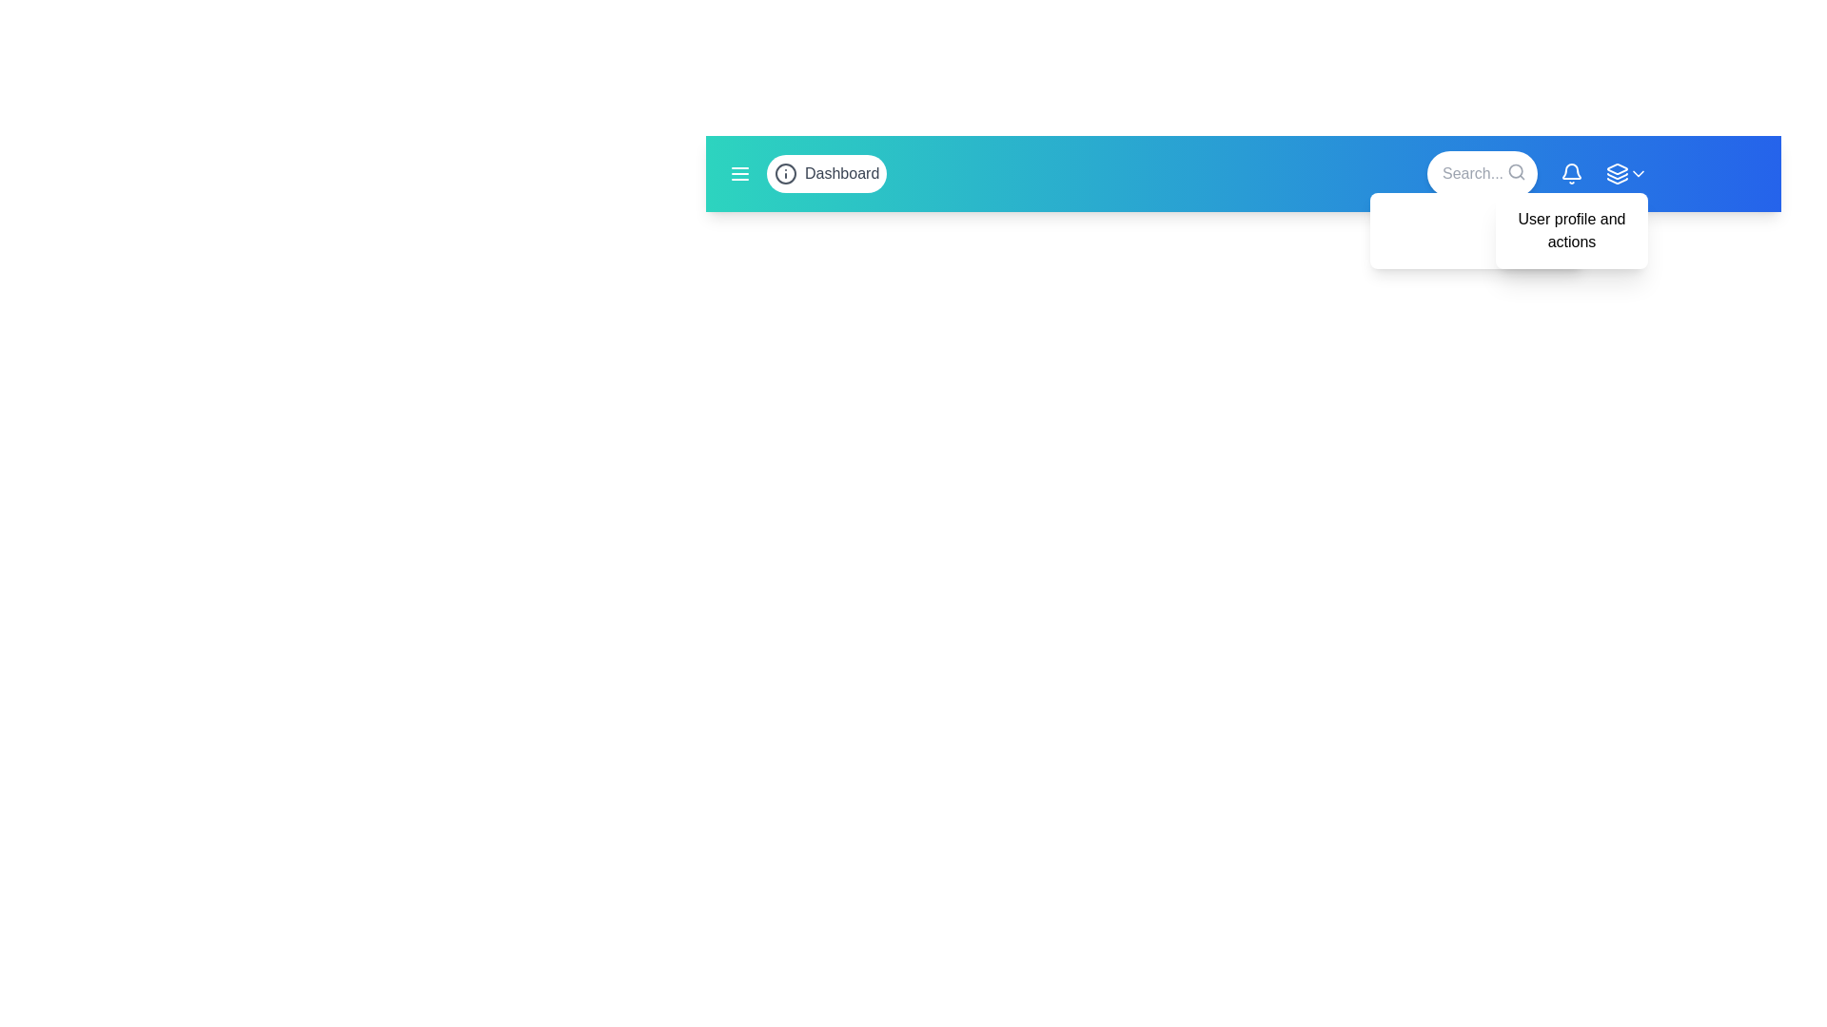  I want to click on the circular frame of the search magnifying glass icon, which is located to the right of the search bar in the top navigation bar, so click(1515, 171).